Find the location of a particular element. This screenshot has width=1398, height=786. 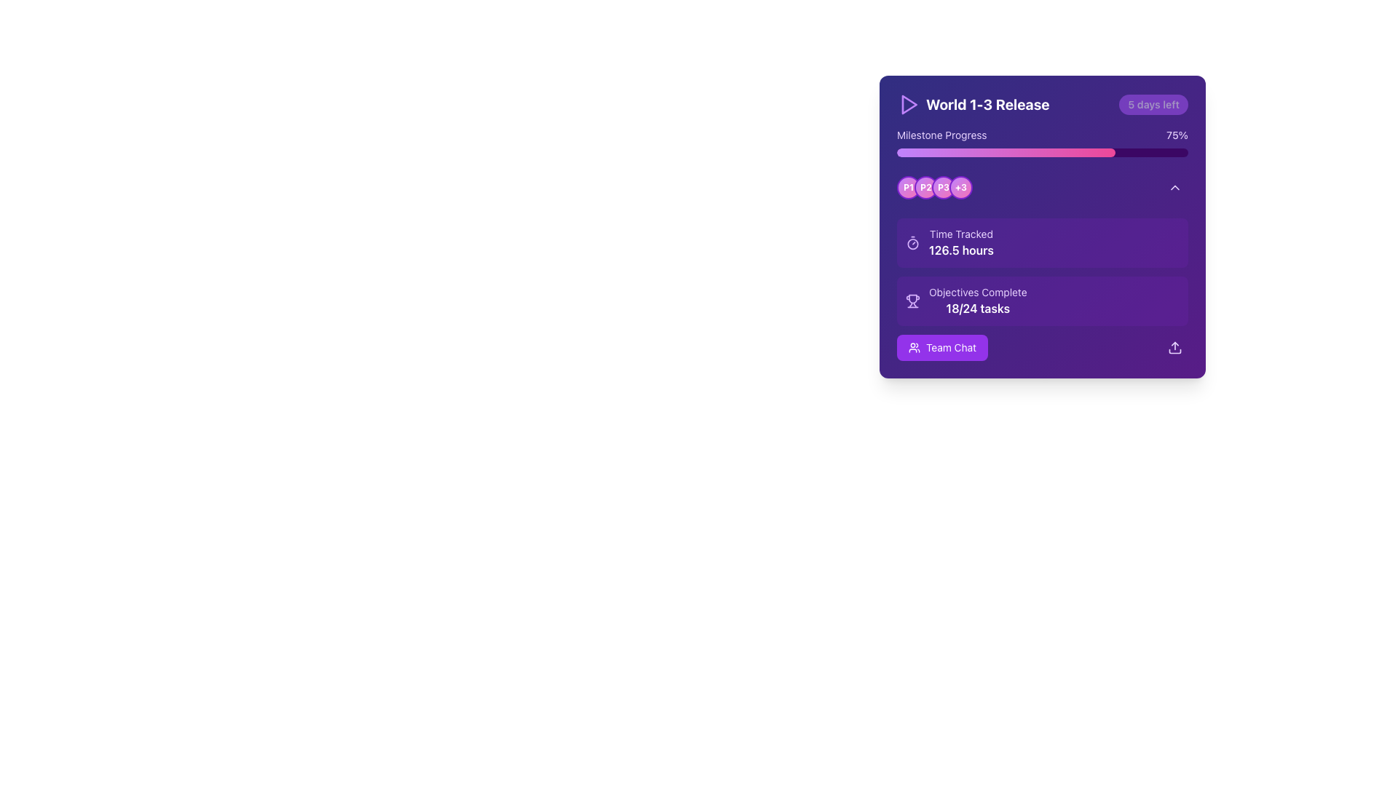

the Progress bar indicating the completion percentage of a milestone, located under the header 'Milestone Progress' and to the left of the '75%' text is located at coordinates (1041, 152).